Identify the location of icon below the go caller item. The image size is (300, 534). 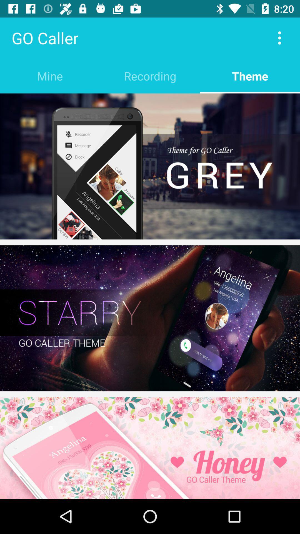
(50, 76).